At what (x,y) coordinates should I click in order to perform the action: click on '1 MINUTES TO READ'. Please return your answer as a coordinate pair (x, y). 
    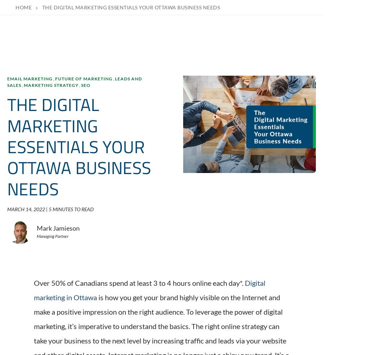
    Looking at the image, I should click on (73, 294).